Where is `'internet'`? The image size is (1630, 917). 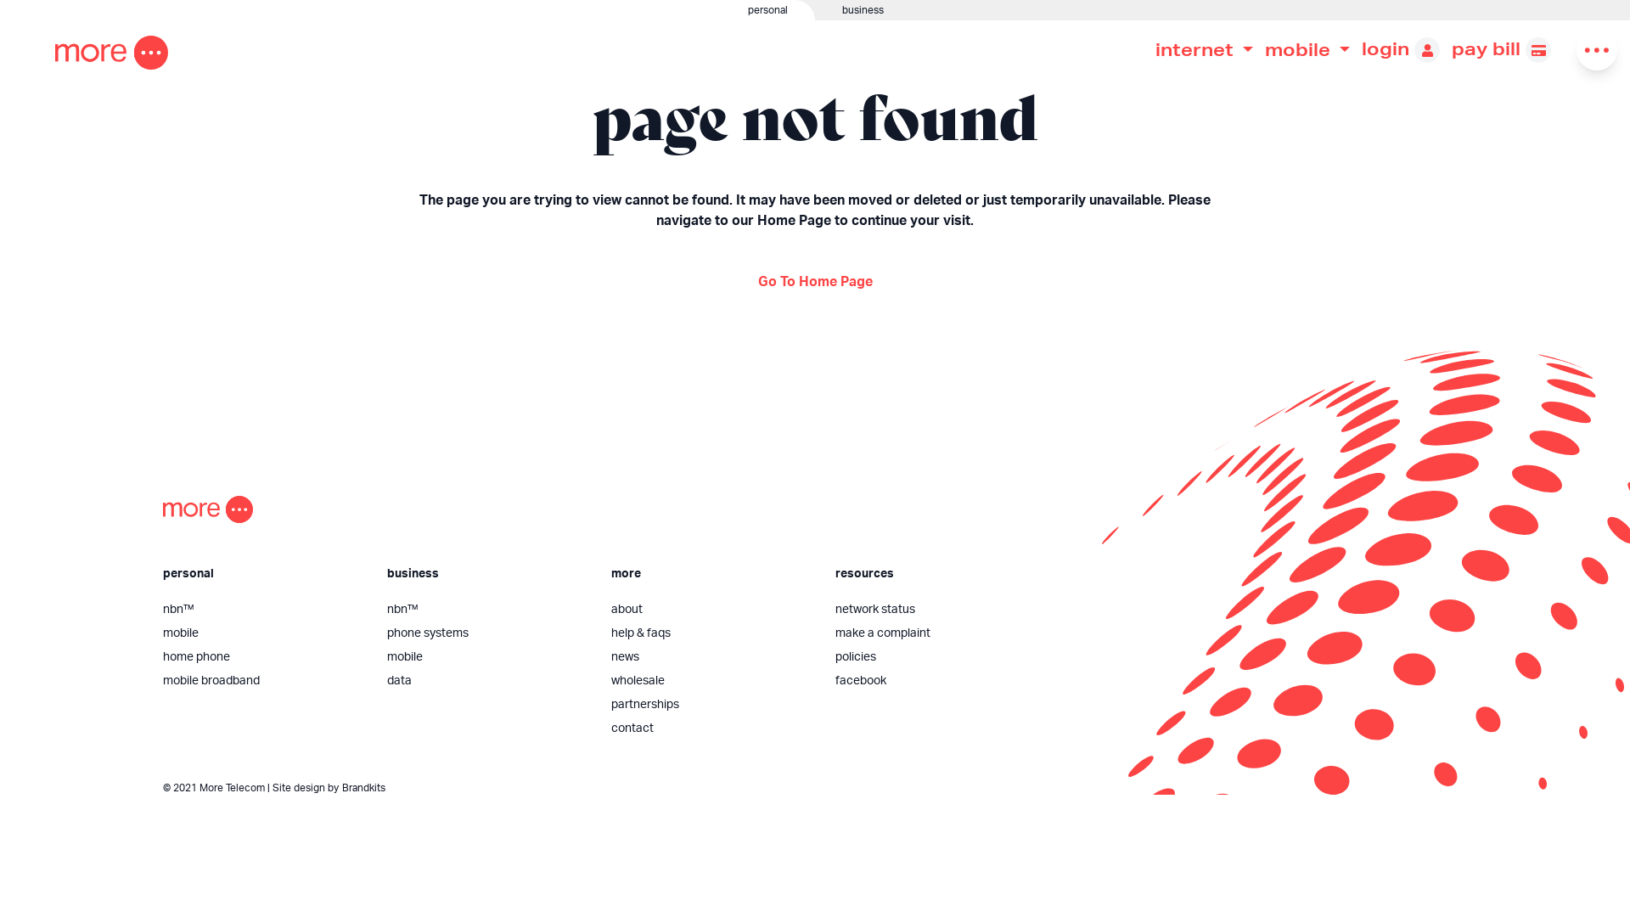 'internet' is located at coordinates (1203, 48).